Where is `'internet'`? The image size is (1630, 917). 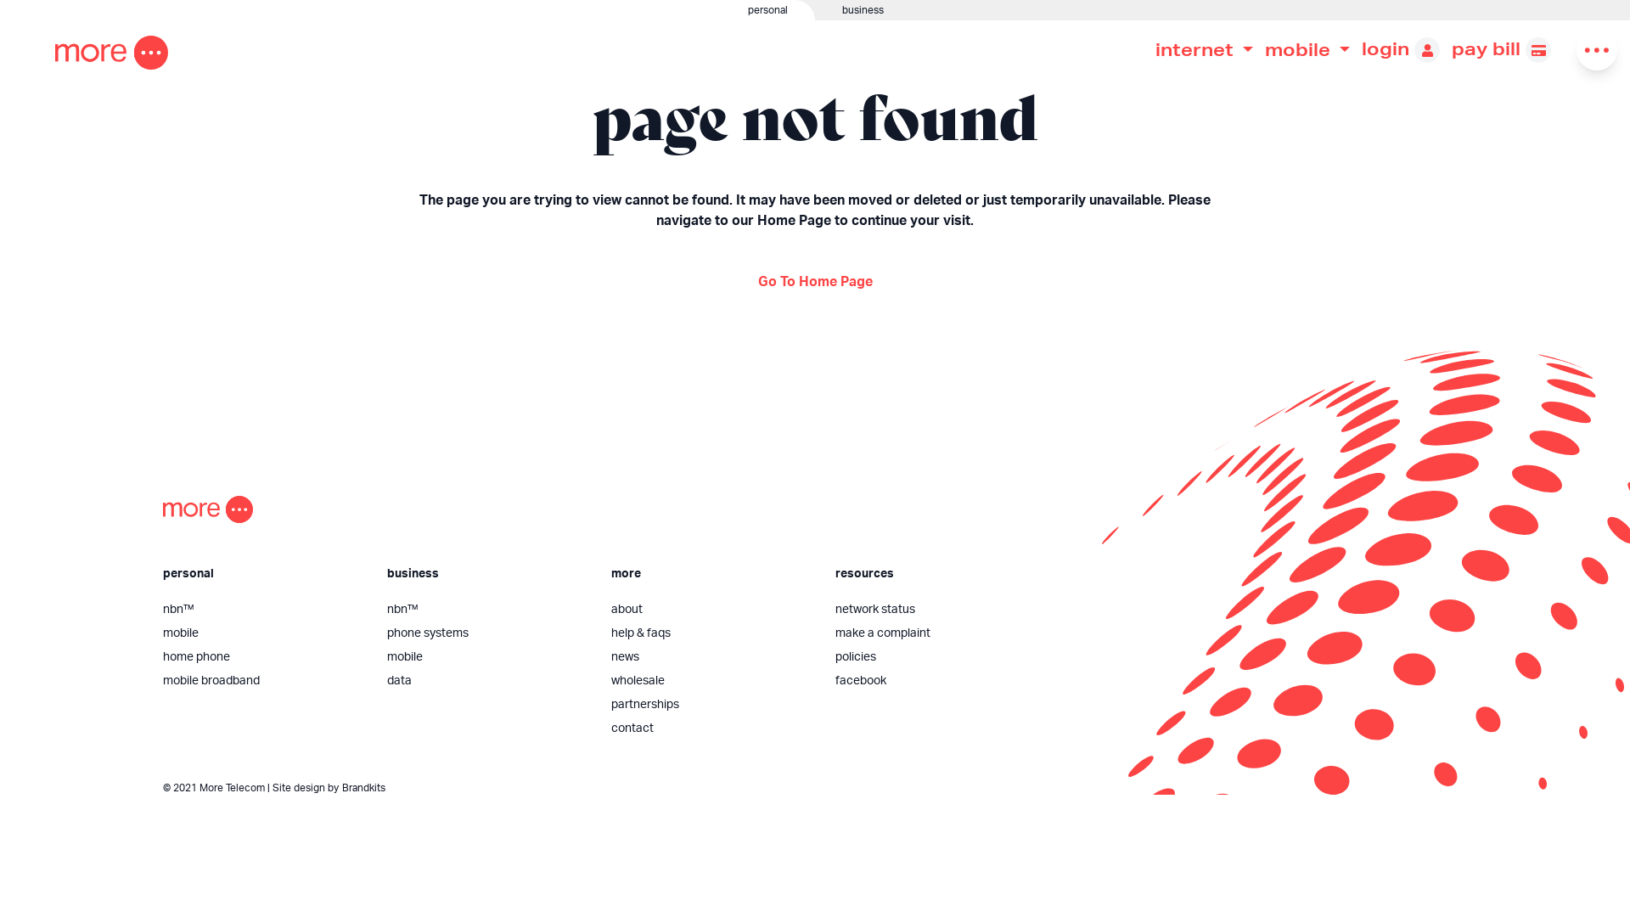 'internet' is located at coordinates (1203, 48).